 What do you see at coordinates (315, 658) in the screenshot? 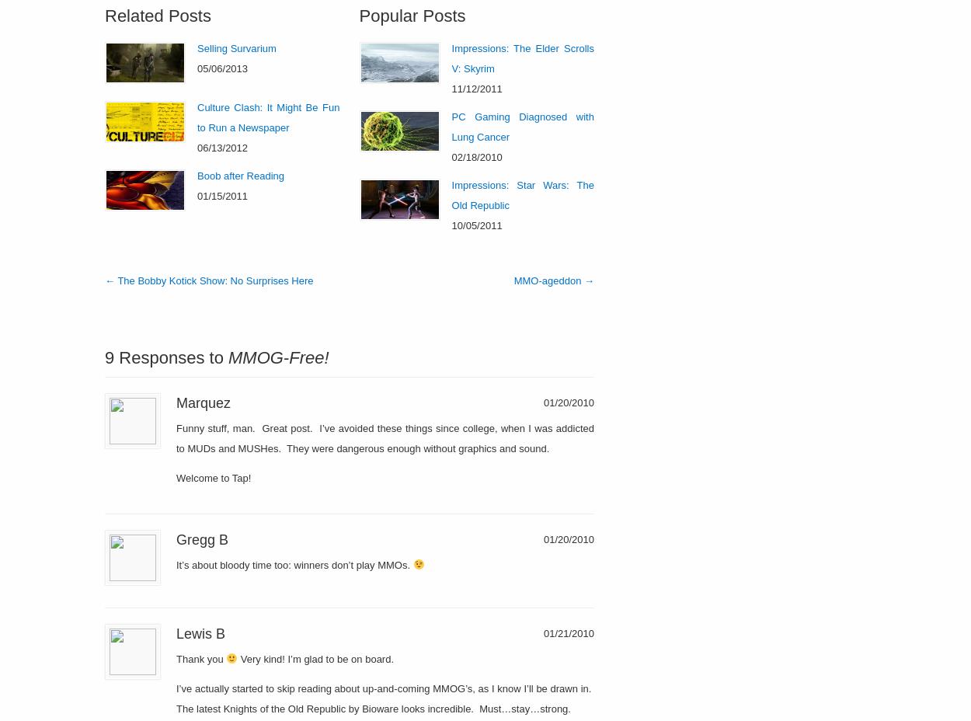
I see `'Very kind! I’m glad to be on board.'` at bounding box center [315, 658].